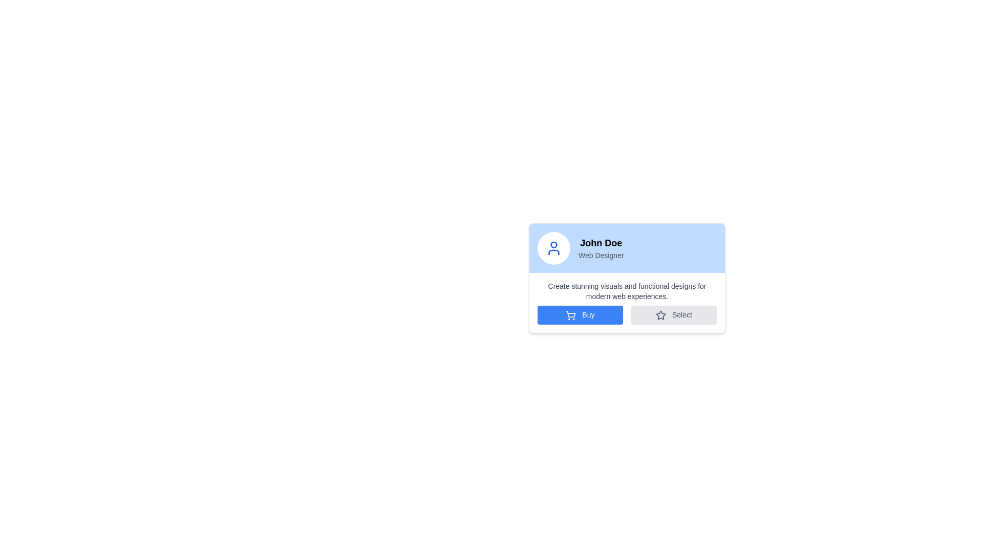  Describe the element at coordinates (674, 314) in the screenshot. I see `the second button in the grid layout` at that location.